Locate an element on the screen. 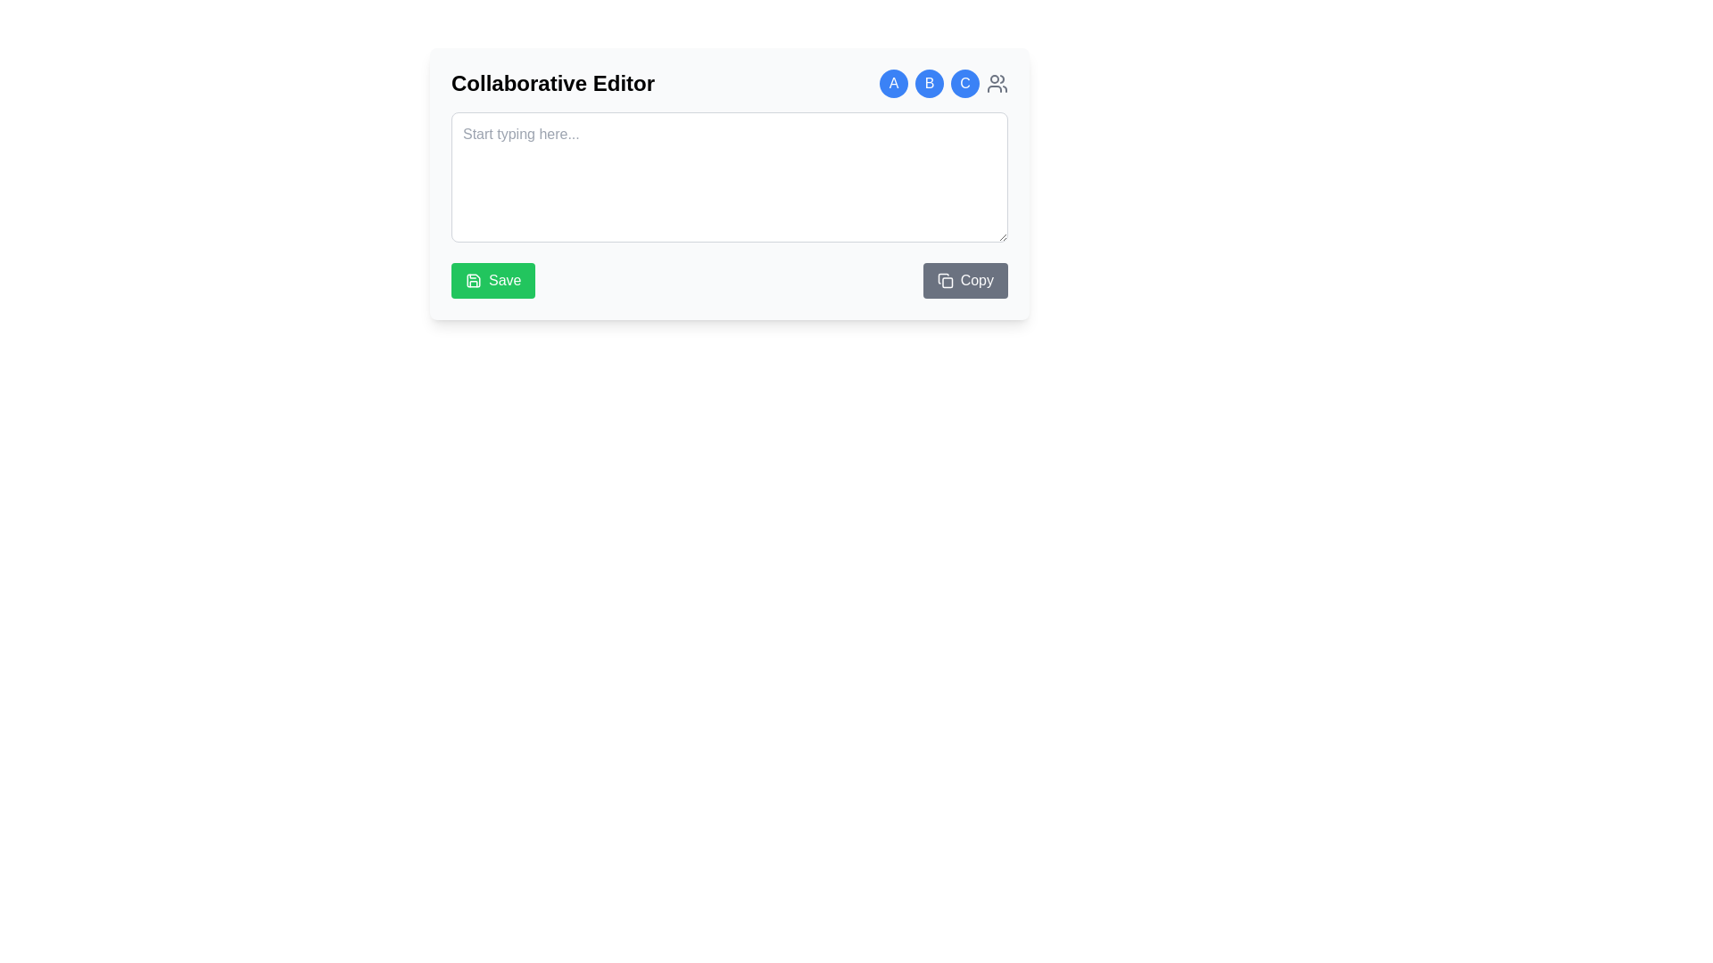 Image resolution: width=1713 pixels, height=963 pixels. the save icon located within the 'Save' button in the bottom-left section of the Collaborative Editor interface is located at coordinates (474, 281).